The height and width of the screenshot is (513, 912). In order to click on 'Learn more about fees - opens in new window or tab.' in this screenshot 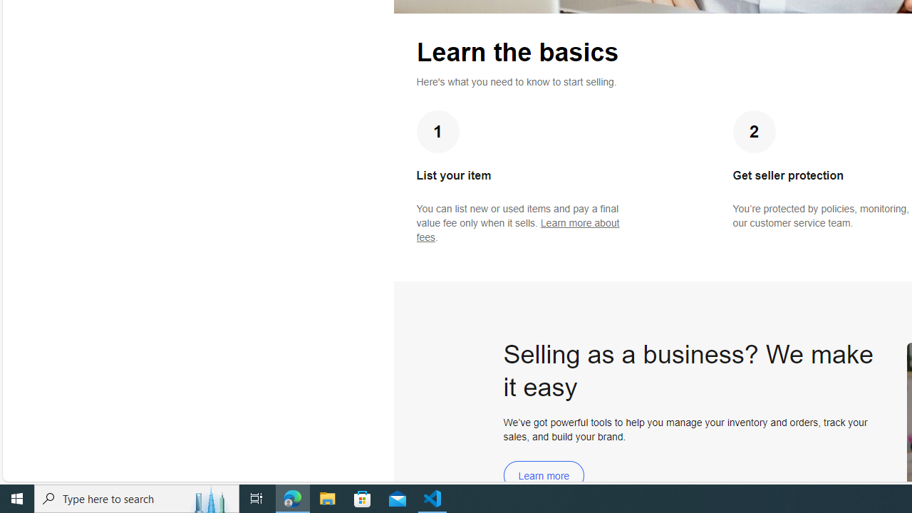, I will do `click(517, 229)`.